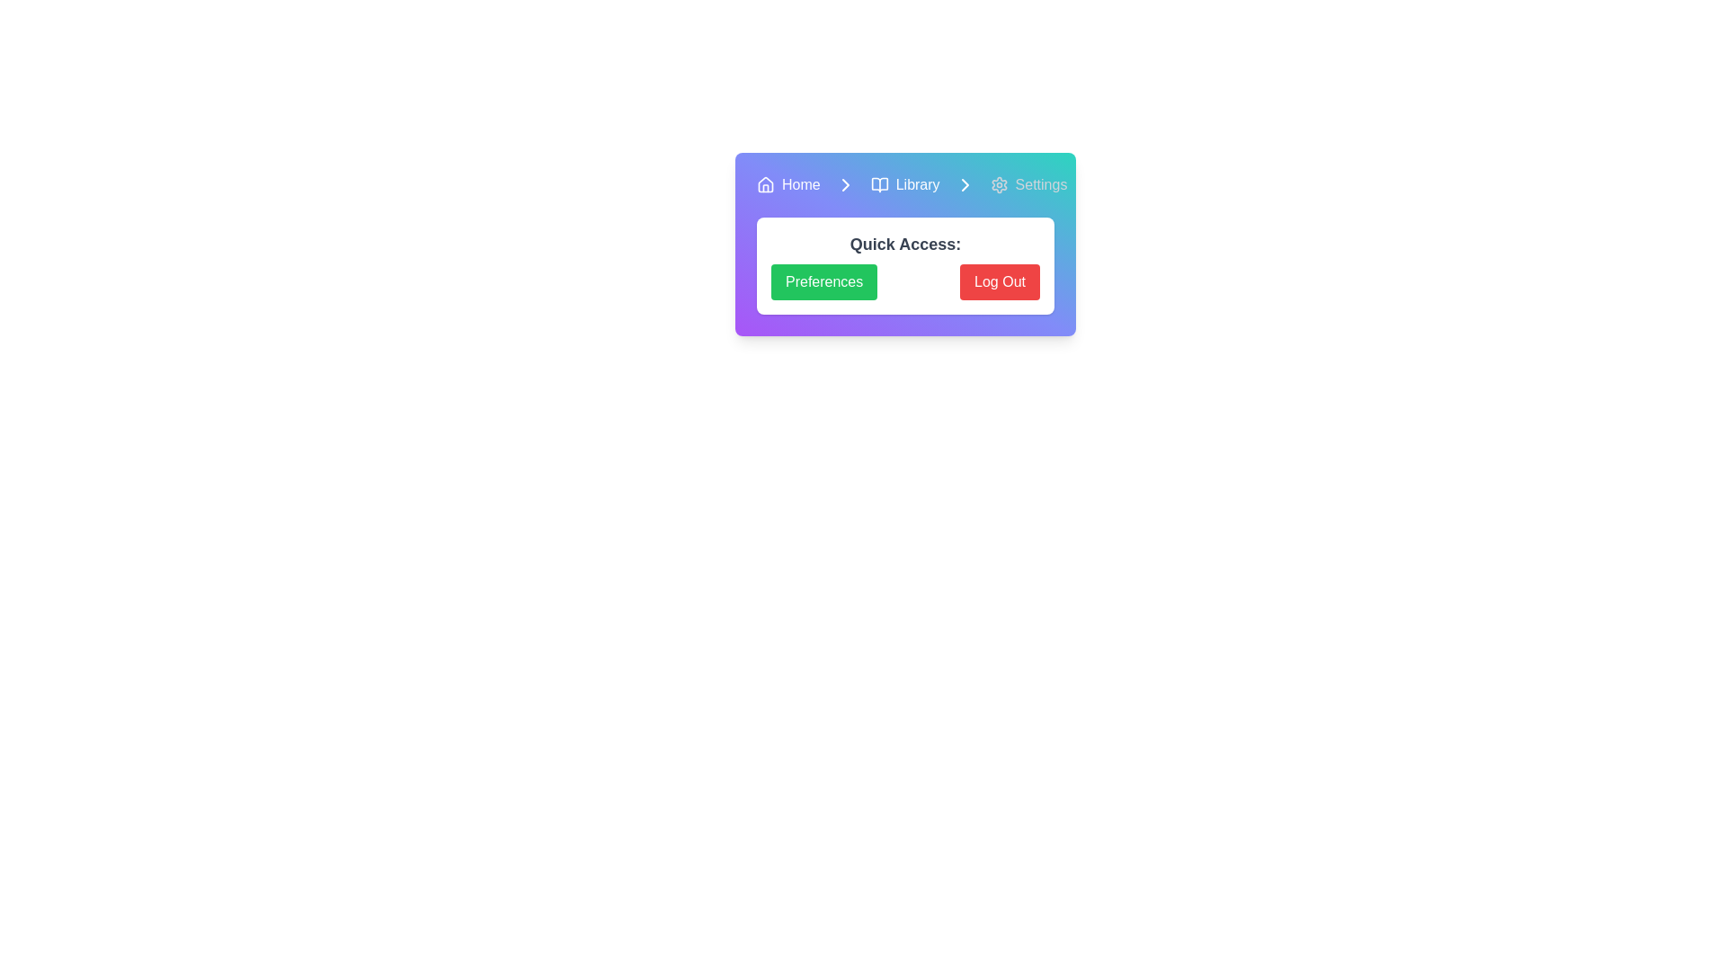  What do you see at coordinates (823, 281) in the screenshot?
I see `the green 'Preferences' button, which is located in the bottom section of the content card` at bounding box center [823, 281].